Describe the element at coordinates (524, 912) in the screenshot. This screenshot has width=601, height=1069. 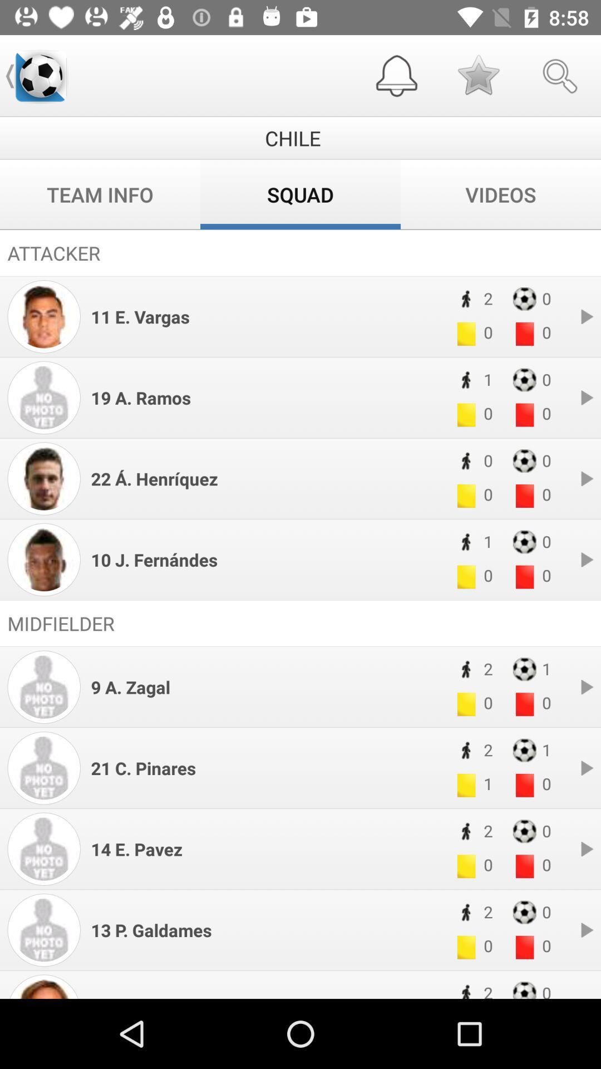
I see `the fourth football icon from the mid fielder` at that location.